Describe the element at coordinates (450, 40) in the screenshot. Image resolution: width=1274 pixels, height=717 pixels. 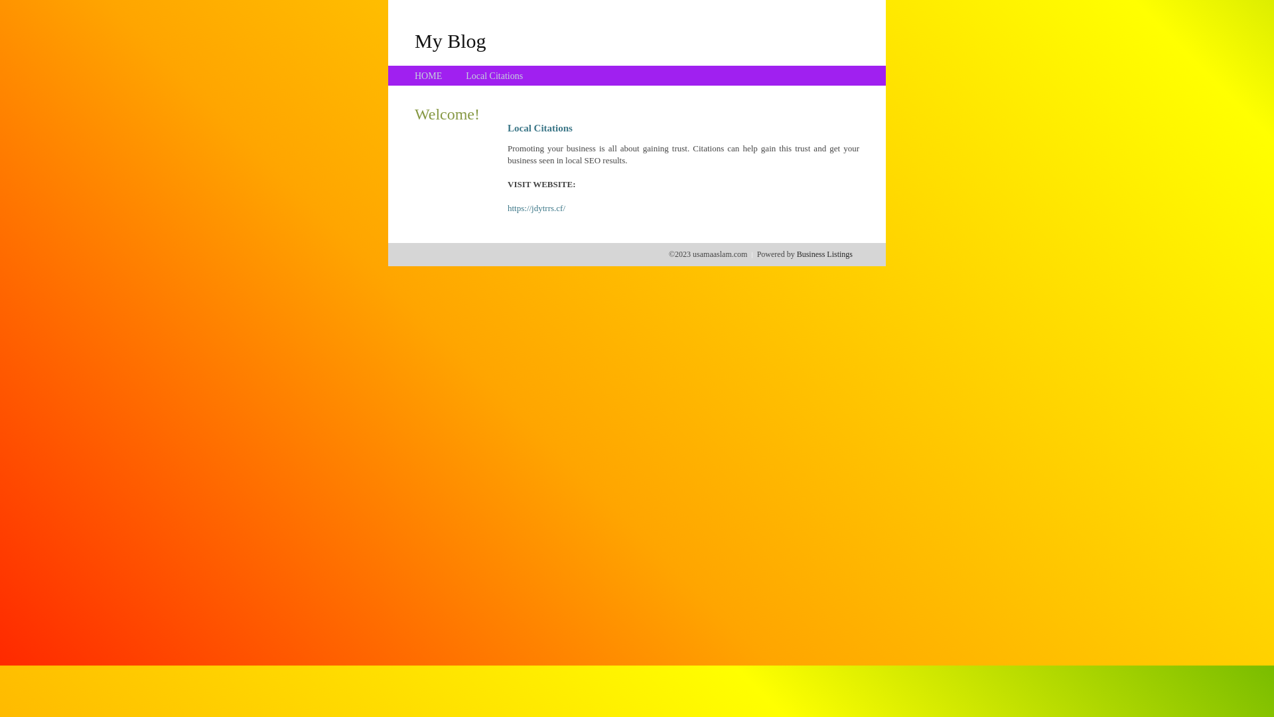
I see `'My Blog'` at that location.